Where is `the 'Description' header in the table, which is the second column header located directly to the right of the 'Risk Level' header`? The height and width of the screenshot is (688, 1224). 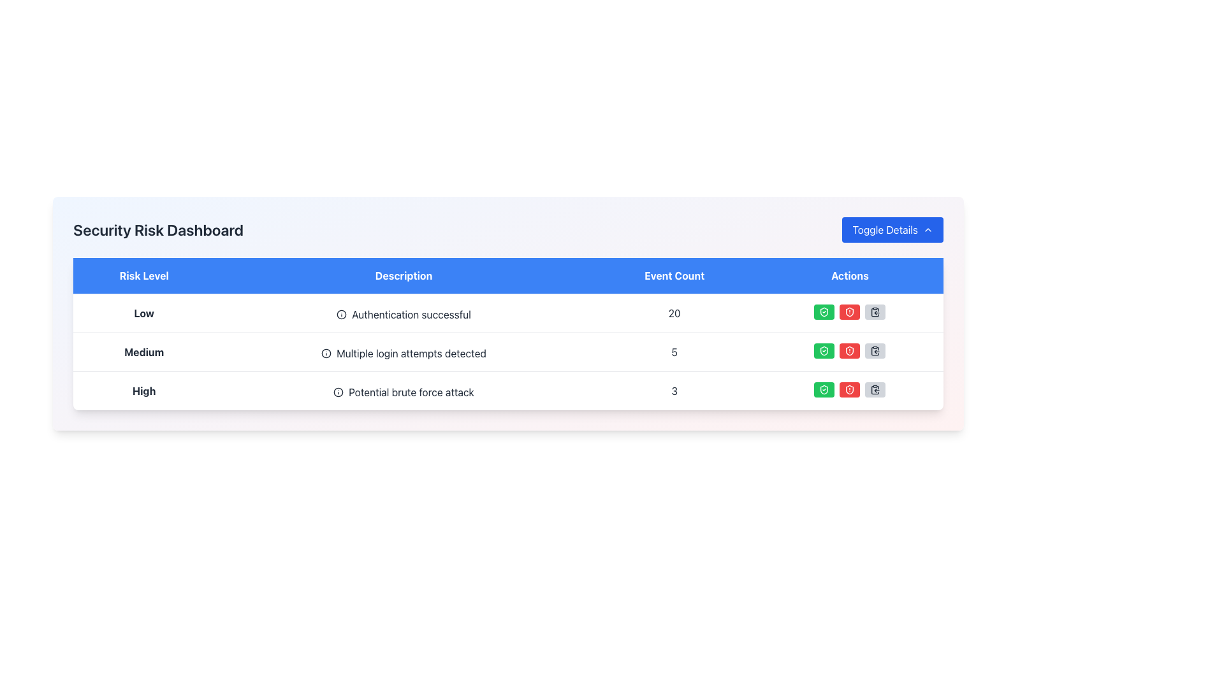 the 'Description' header in the table, which is the second column header located directly to the right of the 'Risk Level' header is located at coordinates (403, 275).